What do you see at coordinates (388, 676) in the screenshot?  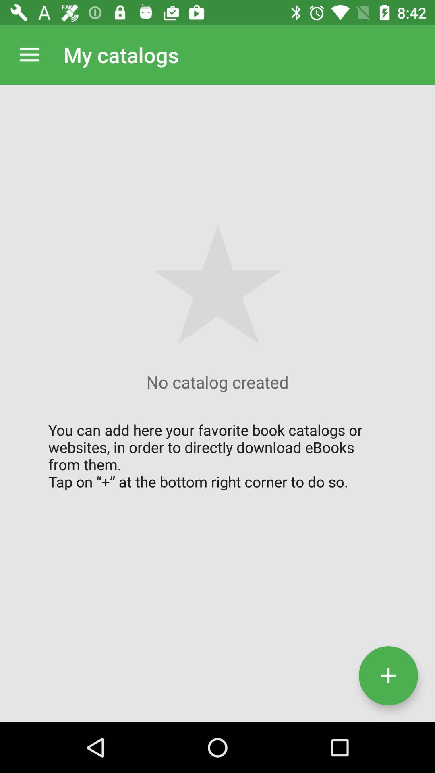 I see `item below the you can add` at bounding box center [388, 676].